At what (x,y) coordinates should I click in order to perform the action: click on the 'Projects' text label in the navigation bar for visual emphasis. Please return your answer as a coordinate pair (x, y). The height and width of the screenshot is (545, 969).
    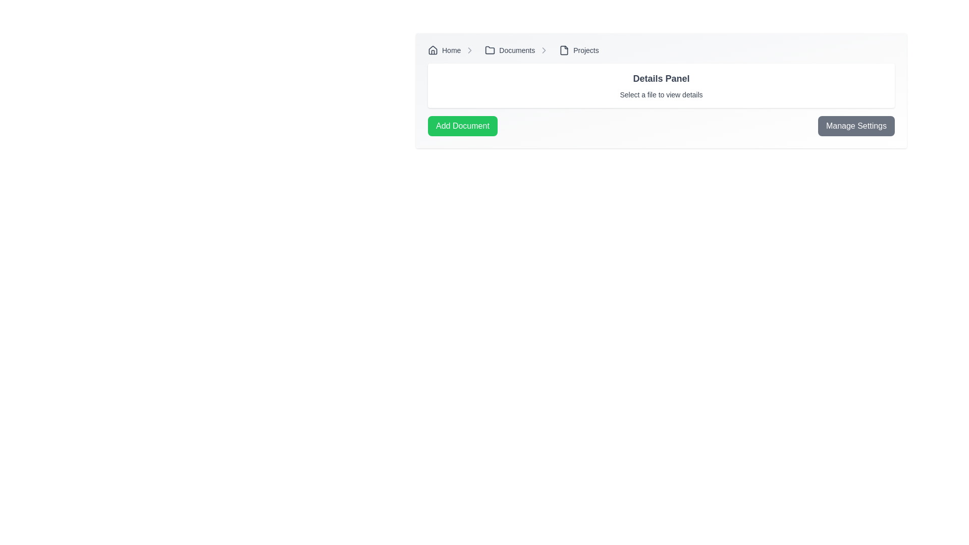
    Looking at the image, I should click on (586, 50).